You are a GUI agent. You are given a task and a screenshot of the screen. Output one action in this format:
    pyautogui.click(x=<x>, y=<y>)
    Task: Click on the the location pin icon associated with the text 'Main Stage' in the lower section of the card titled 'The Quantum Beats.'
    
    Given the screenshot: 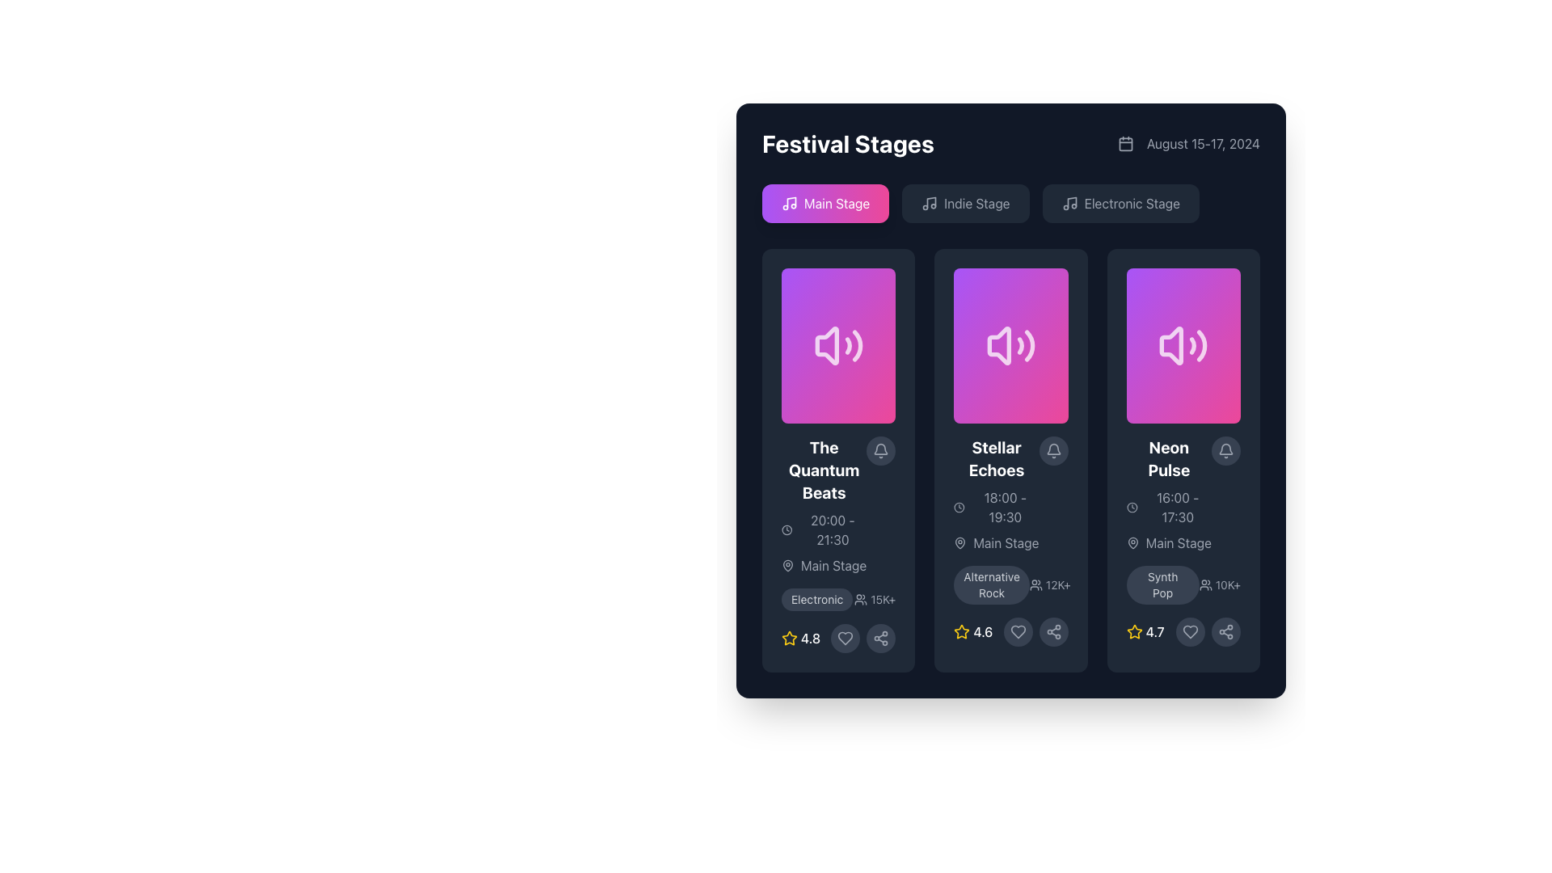 What is the action you would take?
    pyautogui.click(x=787, y=563)
    